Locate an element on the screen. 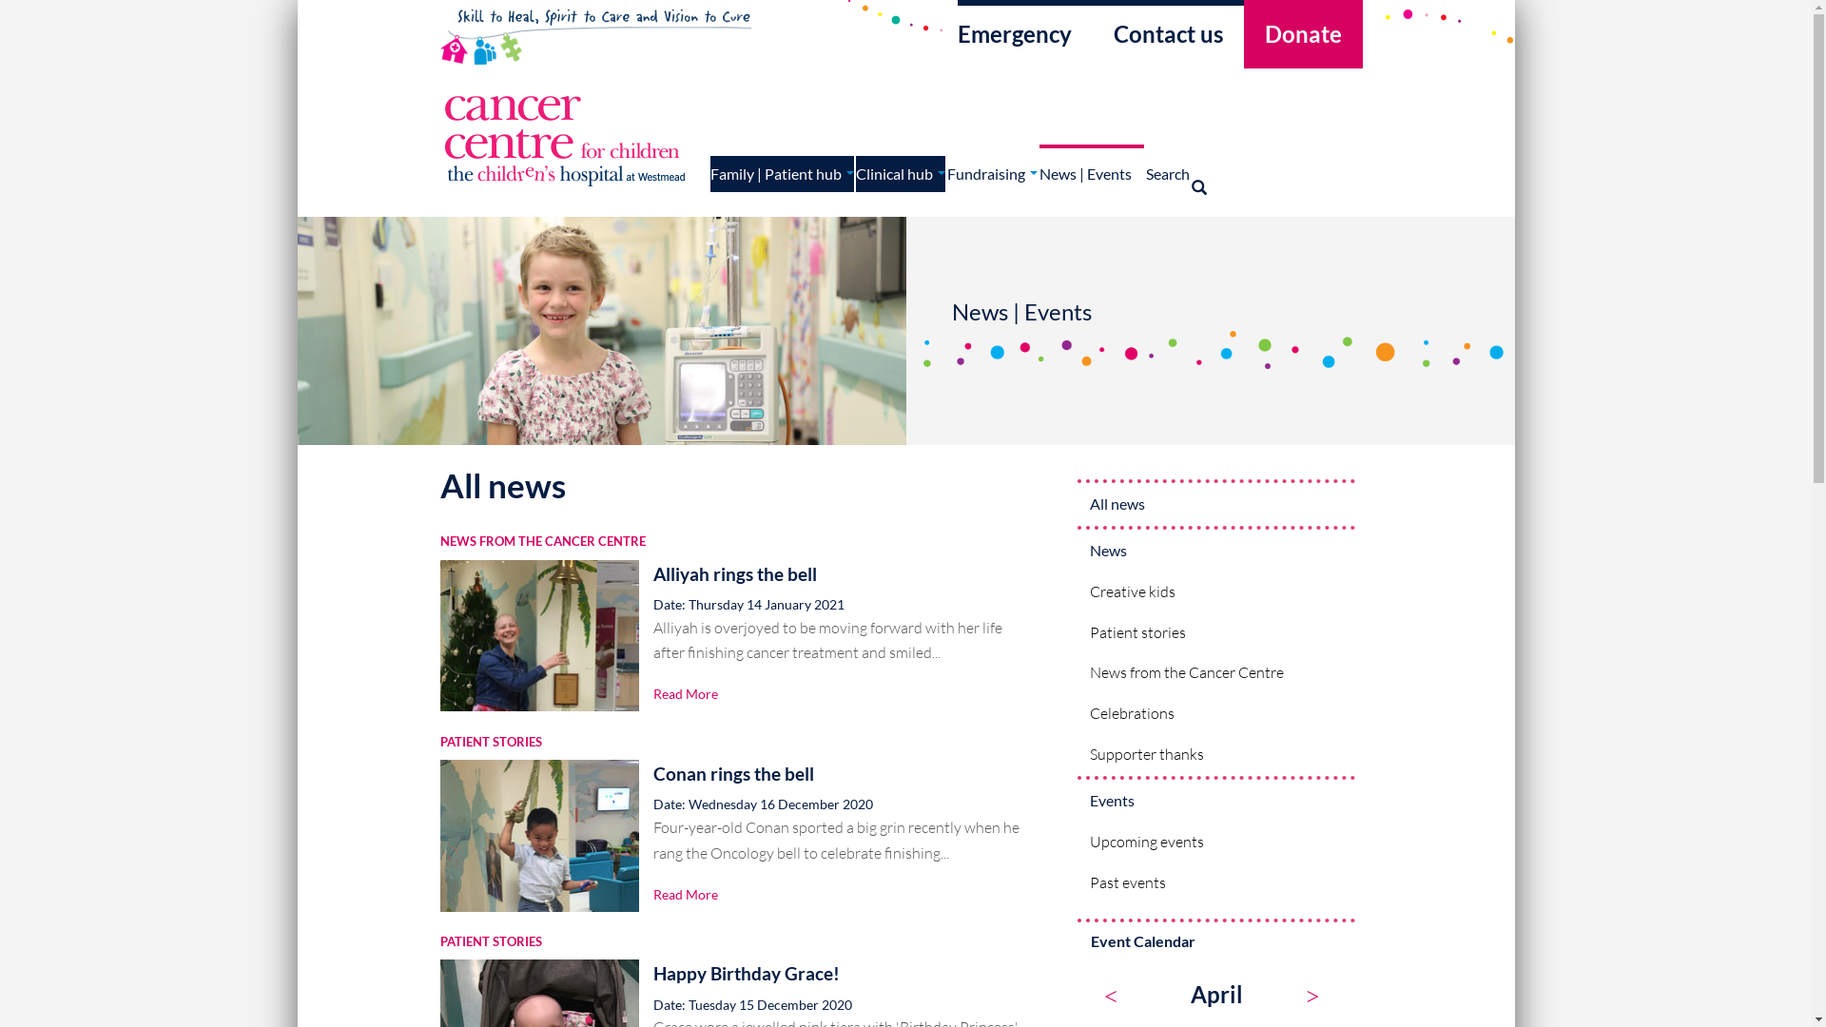 Image resolution: width=1826 pixels, height=1027 pixels. 'Read More' is located at coordinates (685, 894).